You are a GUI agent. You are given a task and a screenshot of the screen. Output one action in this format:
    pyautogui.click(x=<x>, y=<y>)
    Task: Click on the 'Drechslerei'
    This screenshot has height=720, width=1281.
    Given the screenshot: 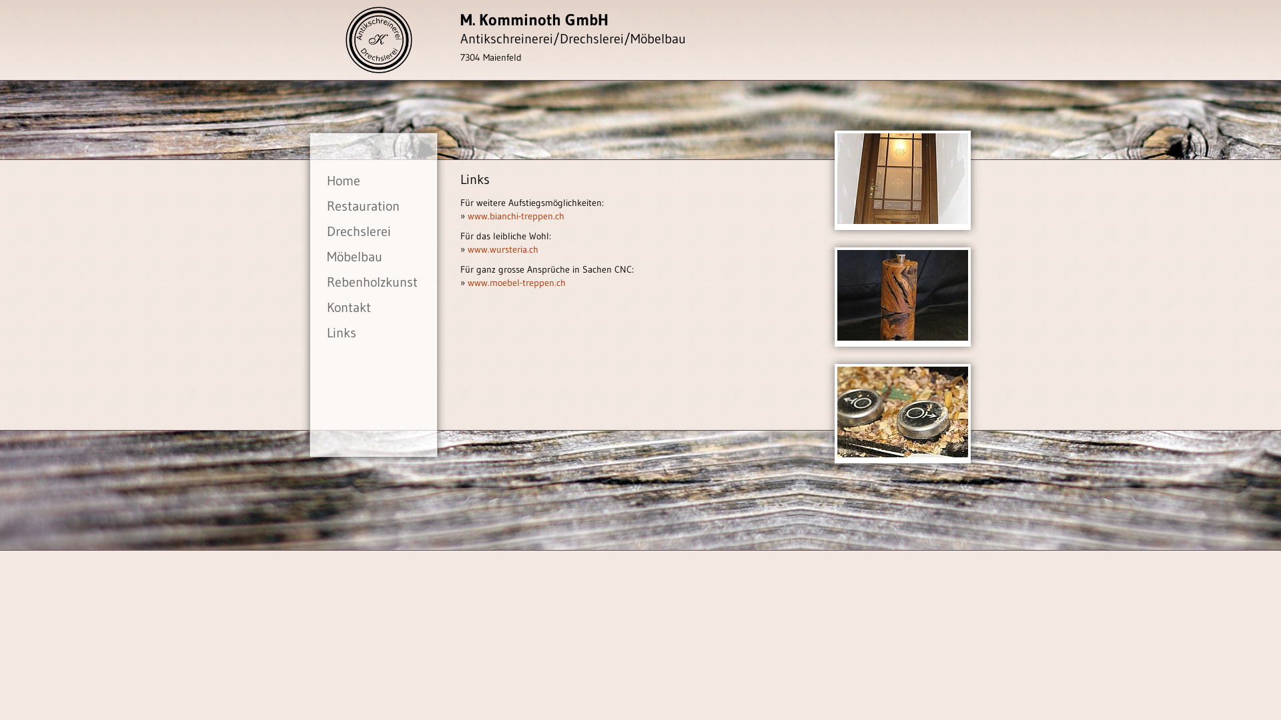 What is the action you would take?
    pyautogui.click(x=374, y=231)
    